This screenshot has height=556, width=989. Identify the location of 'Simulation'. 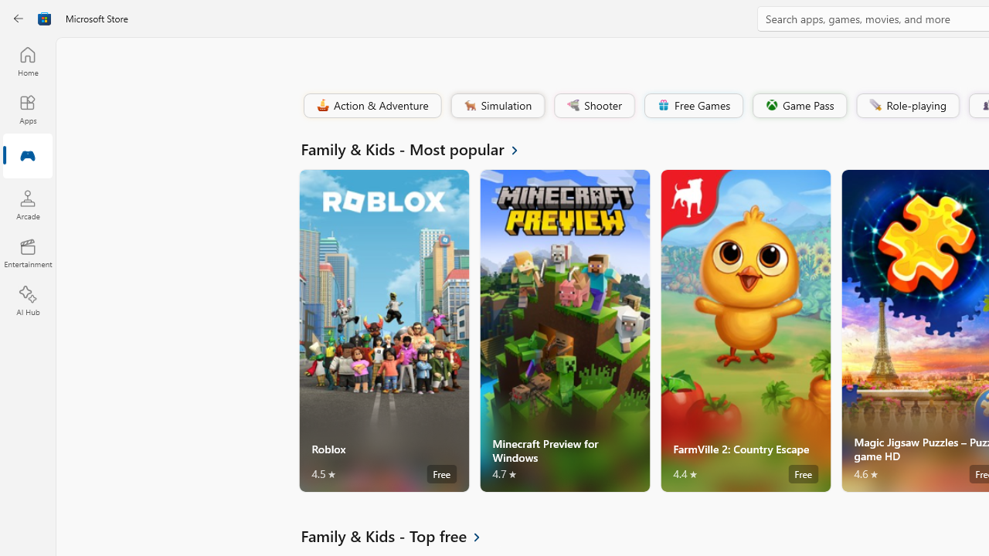
(497, 104).